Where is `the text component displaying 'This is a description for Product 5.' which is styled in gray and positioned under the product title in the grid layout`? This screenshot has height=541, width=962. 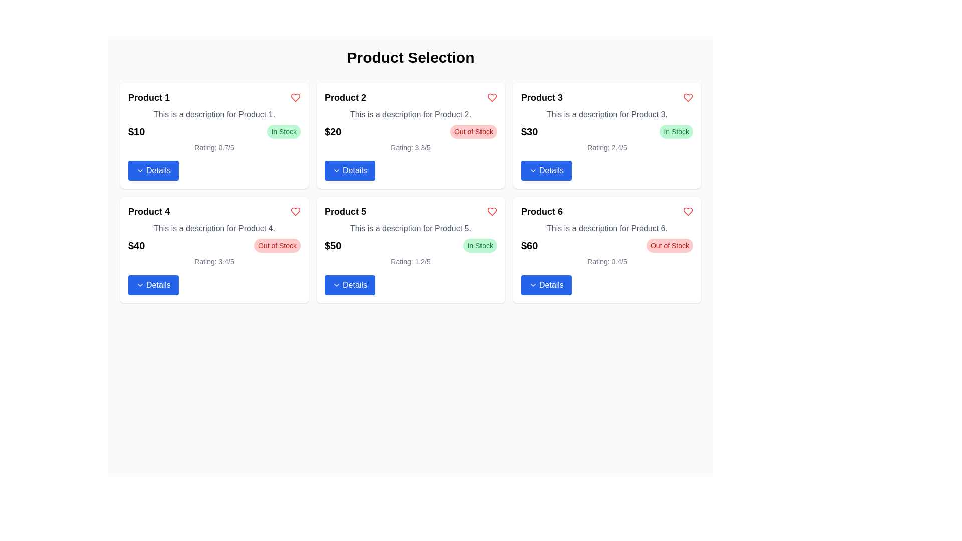 the text component displaying 'This is a description for Product 5.' which is styled in gray and positioned under the product title in the grid layout is located at coordinates (411, 228).